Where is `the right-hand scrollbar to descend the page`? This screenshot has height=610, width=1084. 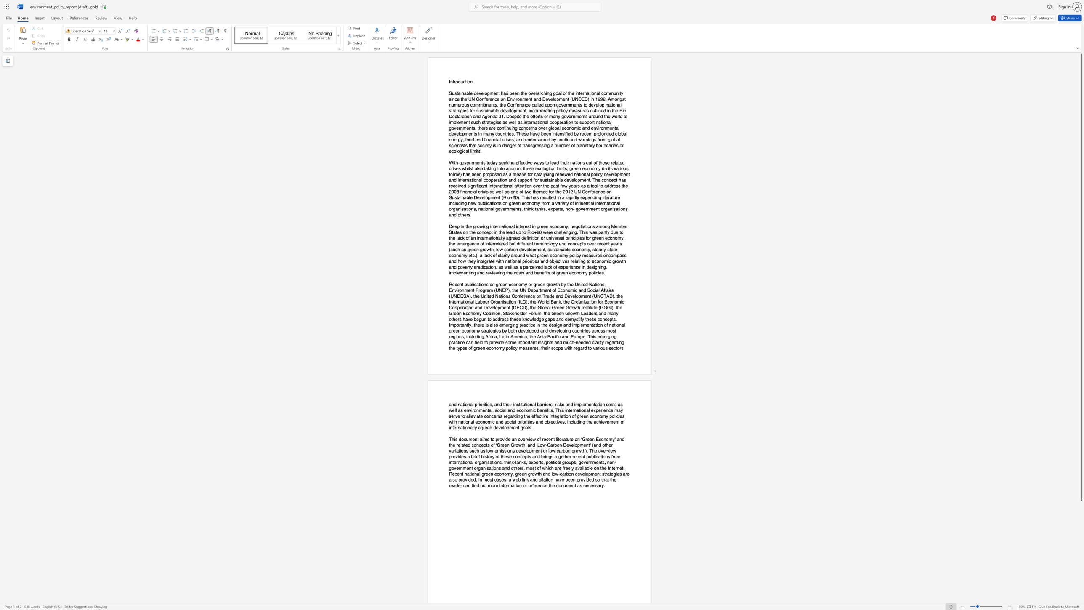 the right-hand scrollbar to descend the page is located at coordinates (1081, 562).